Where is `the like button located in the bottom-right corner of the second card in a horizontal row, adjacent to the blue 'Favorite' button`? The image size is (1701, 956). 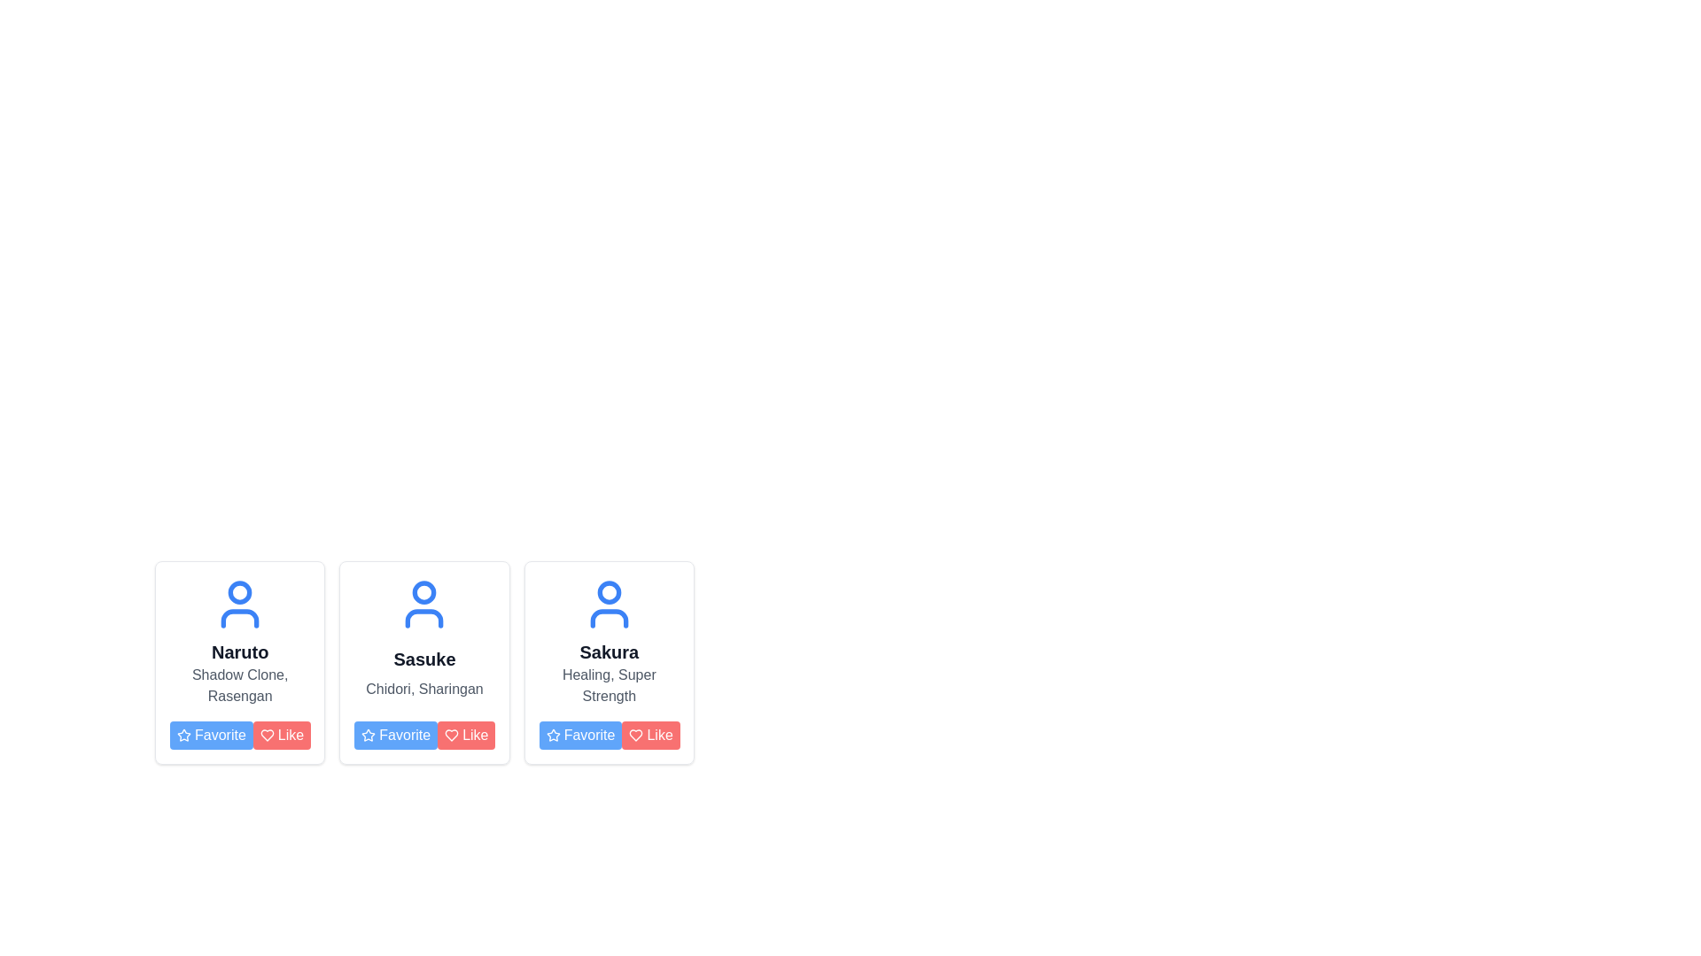 the like button located in the bottom-right corner of the second card in a horizontal row, adjacent to the blue 'Favorite' button is located at coordinates (466, 735).